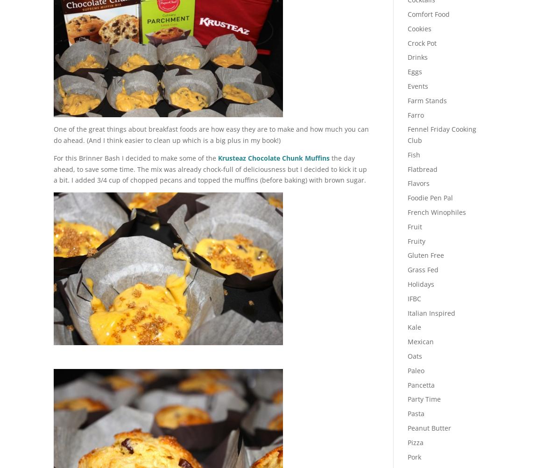  I want to click on 'Fruit', so click(414, 226).